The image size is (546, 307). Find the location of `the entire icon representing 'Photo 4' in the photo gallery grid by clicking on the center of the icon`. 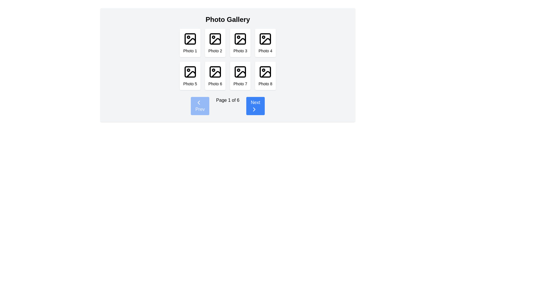

the entire icon representing 'Photo 4' in the photo gallery grid by clicking on the center of the icon is located at coordinates (266, 41).